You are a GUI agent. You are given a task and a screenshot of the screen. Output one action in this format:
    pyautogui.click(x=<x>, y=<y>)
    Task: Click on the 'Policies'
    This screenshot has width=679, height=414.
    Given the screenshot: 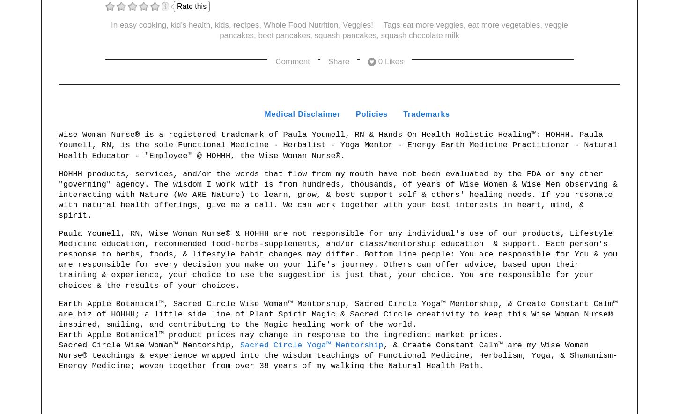 What is the action you would take?
    pyautogui.click(x=371, y=113)
    